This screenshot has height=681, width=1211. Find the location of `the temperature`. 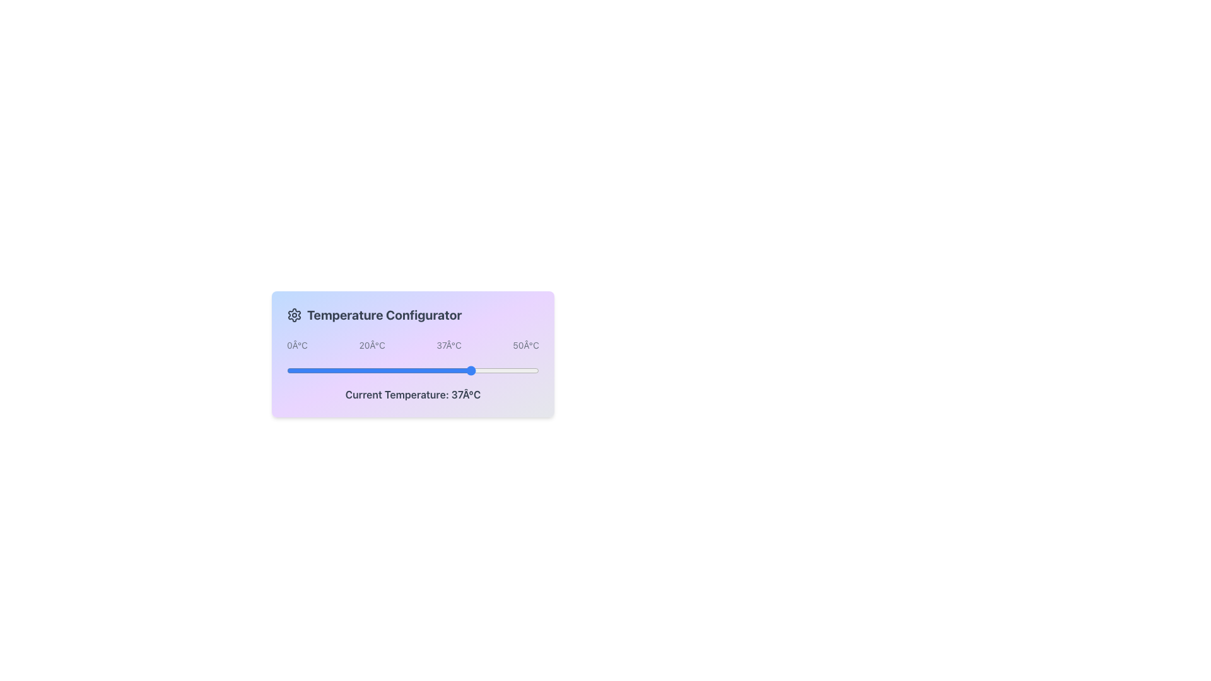

the temperature is located at coordinates (301, 370).